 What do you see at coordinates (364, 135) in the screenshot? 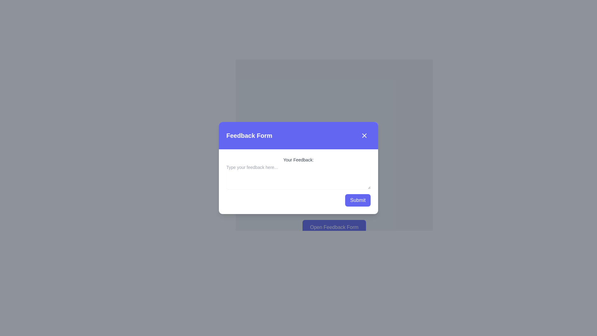
I see `the close icon button represented by a cross icon in the top-right corner of the Feedback Form modal` at bounding box center [364, 135].